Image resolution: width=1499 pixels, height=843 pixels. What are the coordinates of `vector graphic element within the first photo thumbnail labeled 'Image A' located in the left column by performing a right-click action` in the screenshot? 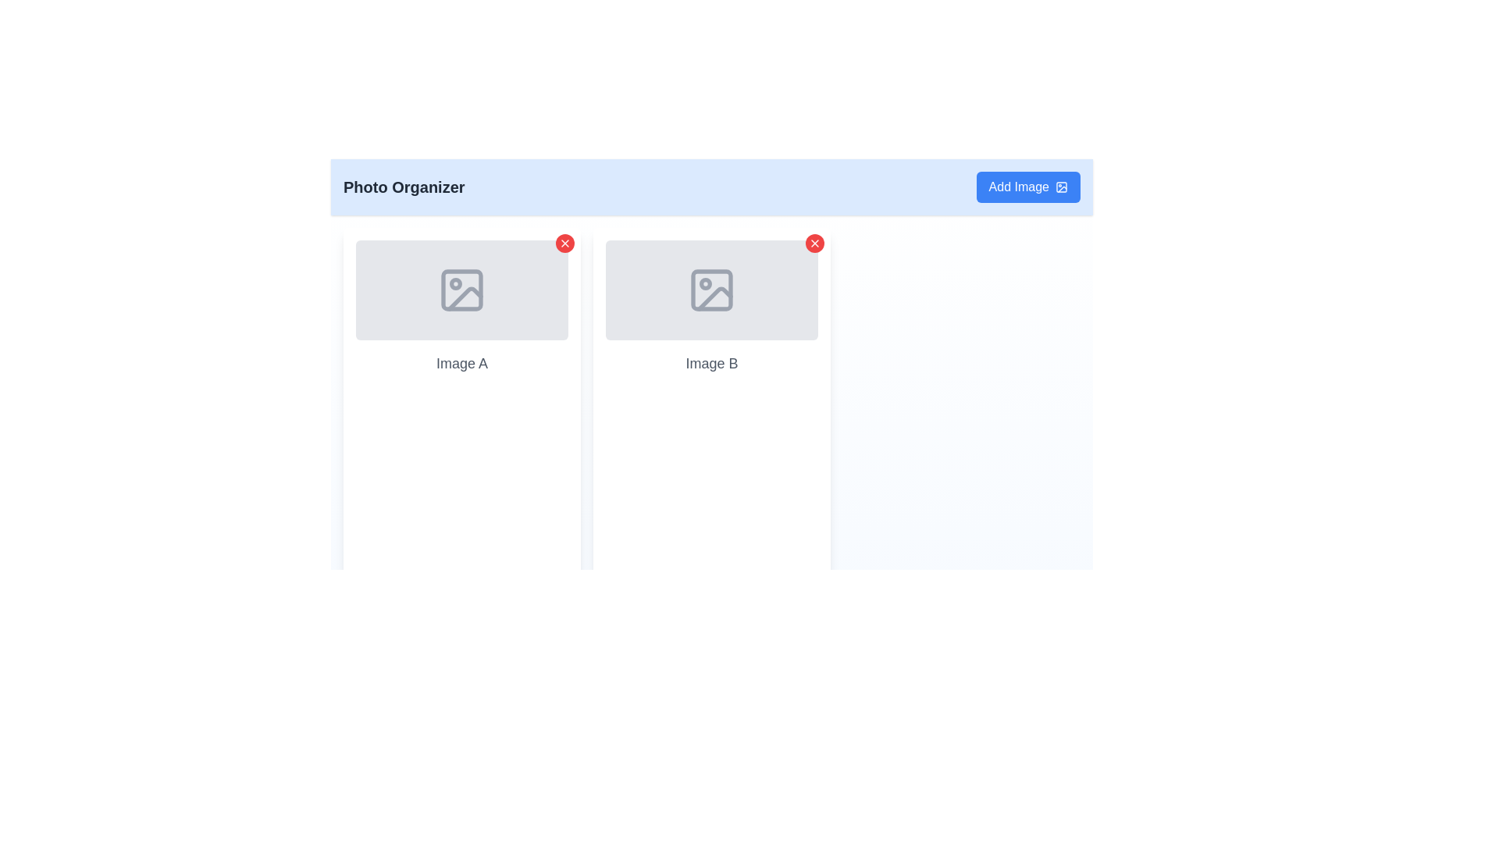 It's located at (461, 290).